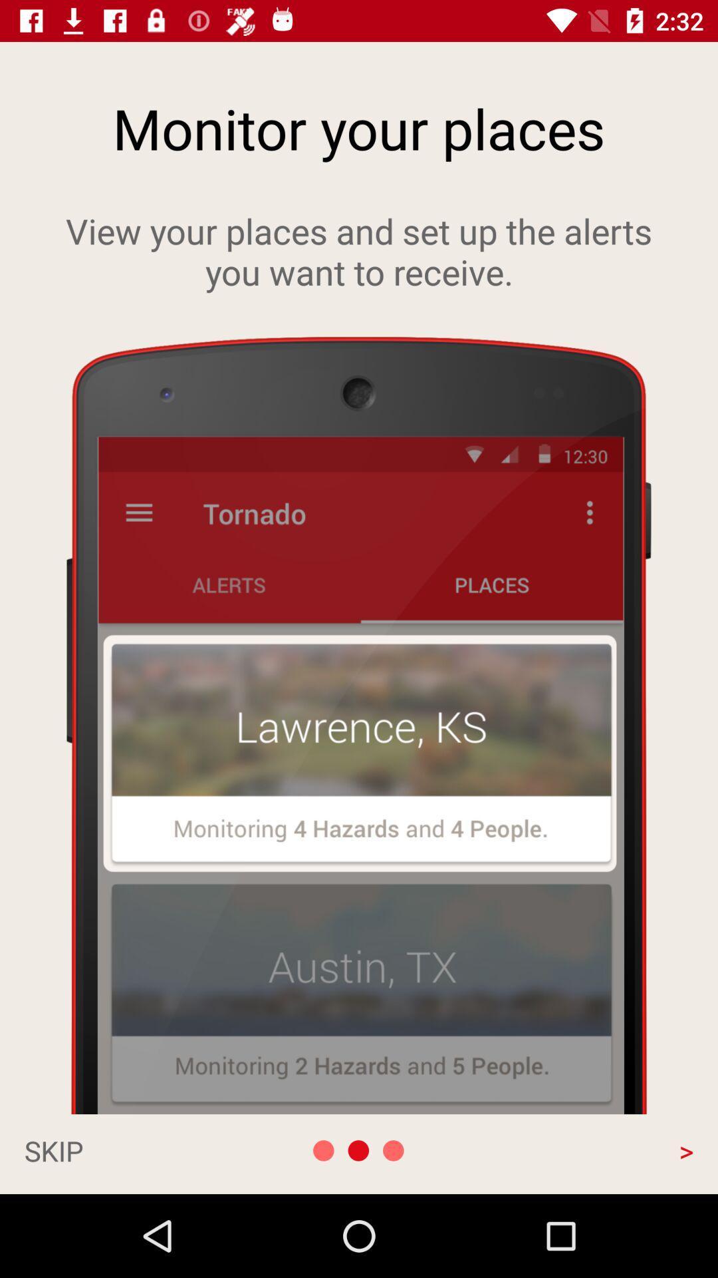 The width and height of the screenshot is (718, 1278). Describe the element at coordinates (124, 1150) in the screenshot. I see `skip at the bottom left corner` at that location.